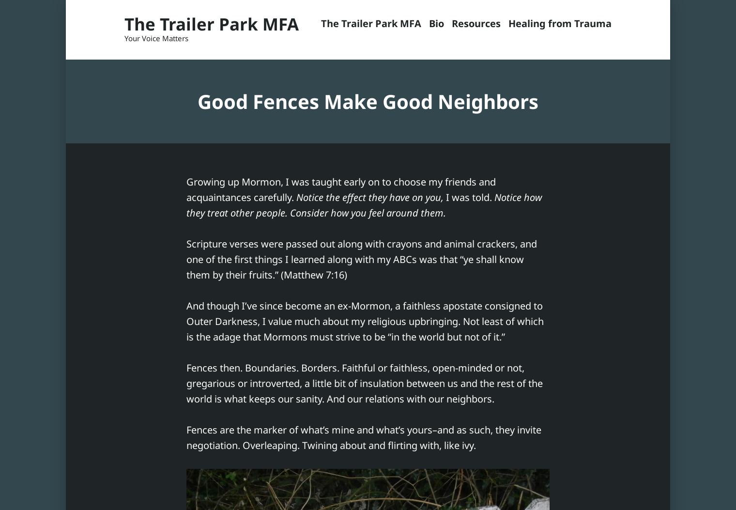 This screenshot has width=736, height=510. Describe the element at coordinates (365, 321) in the screenshot. I see `'And though I’ve since become an ex-Mormon, a faithless apostate consigned to Outer Darkness, I value much about my religious upbringing. Not least of which is the adage that Mormons must strive to be “in the world but not of it.”'` at that location.